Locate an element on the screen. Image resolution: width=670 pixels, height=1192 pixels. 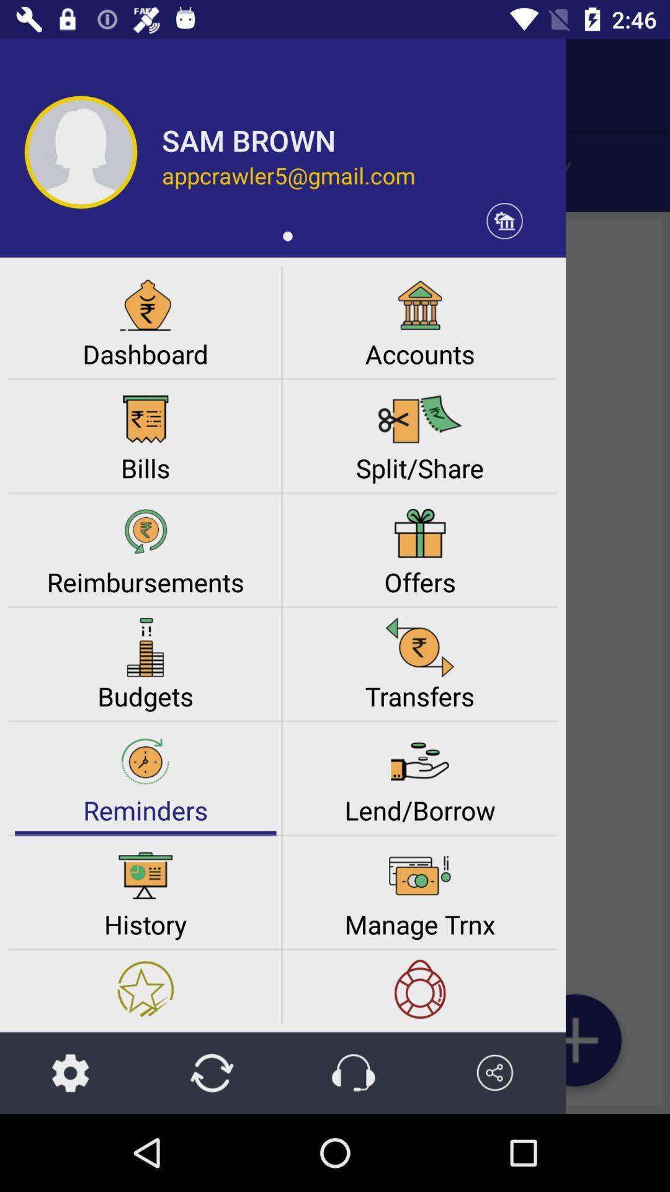
the add icon is located at coordinates (575, 1044).